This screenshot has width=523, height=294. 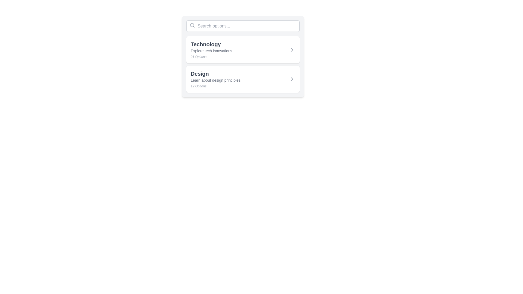 What do you see at coordinates (192, 25) in the screenshot?
I see `the search icon that visually represents the search functionality, positioned to the left of the input field with the placeholder text 'Search options...'` at bounding box center [192, 25].